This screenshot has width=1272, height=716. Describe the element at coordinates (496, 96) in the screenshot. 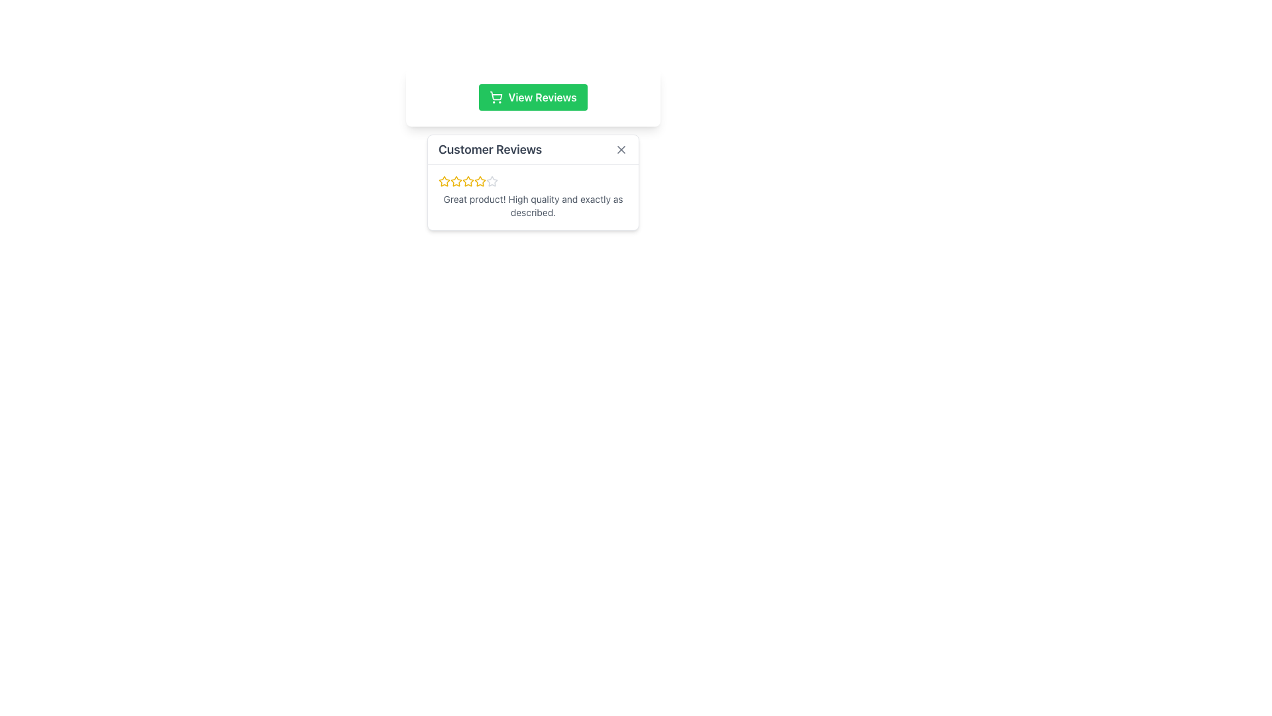

I see `the shopping cart icon located within the 'View Reviews' button, which is positioned to the left of the text label 'View Reviews'` at that location.